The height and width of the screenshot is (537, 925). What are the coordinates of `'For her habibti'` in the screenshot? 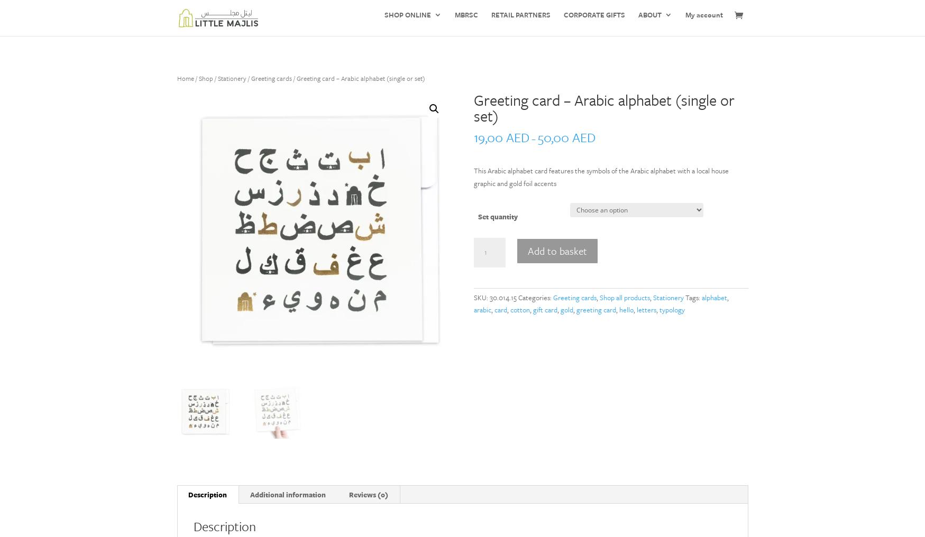 It's located at (532, 170).